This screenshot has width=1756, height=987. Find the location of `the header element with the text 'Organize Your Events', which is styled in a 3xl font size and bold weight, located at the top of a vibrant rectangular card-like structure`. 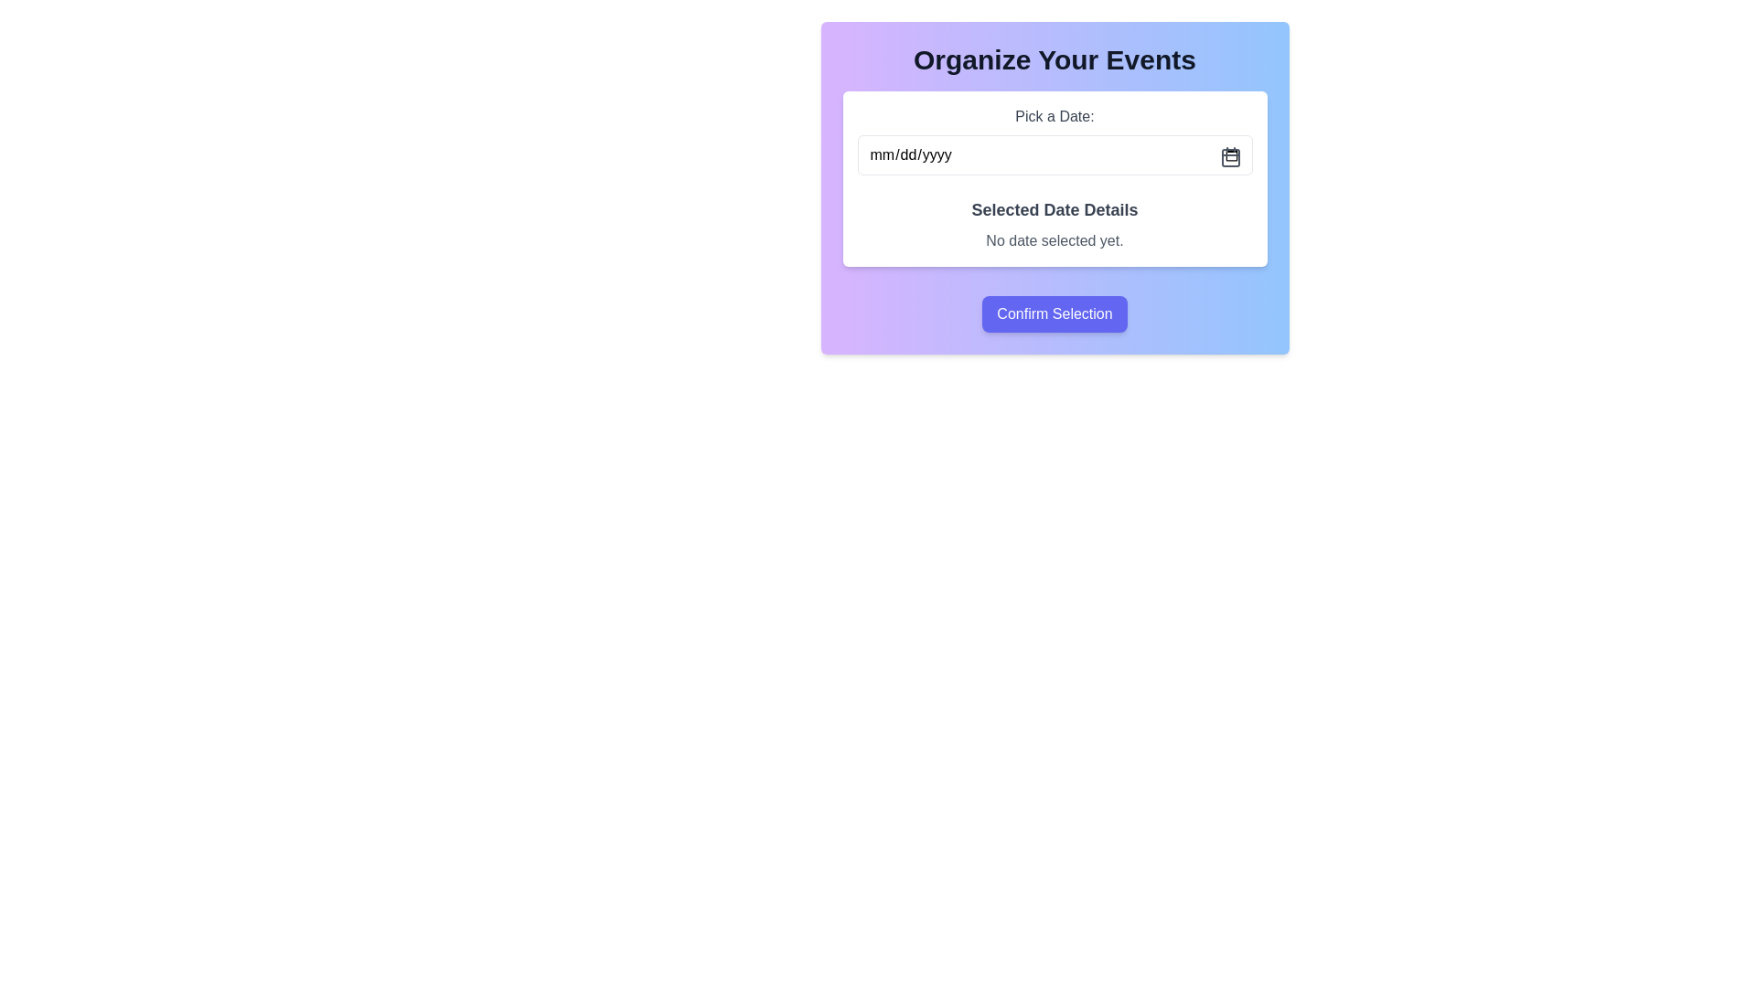

the header element with the text 'Organize Your Events', which is styled in a 3xl font size and bold weight, located at the top of a vibrant rectangular card-like structure is located at coordinates (1055, 58).